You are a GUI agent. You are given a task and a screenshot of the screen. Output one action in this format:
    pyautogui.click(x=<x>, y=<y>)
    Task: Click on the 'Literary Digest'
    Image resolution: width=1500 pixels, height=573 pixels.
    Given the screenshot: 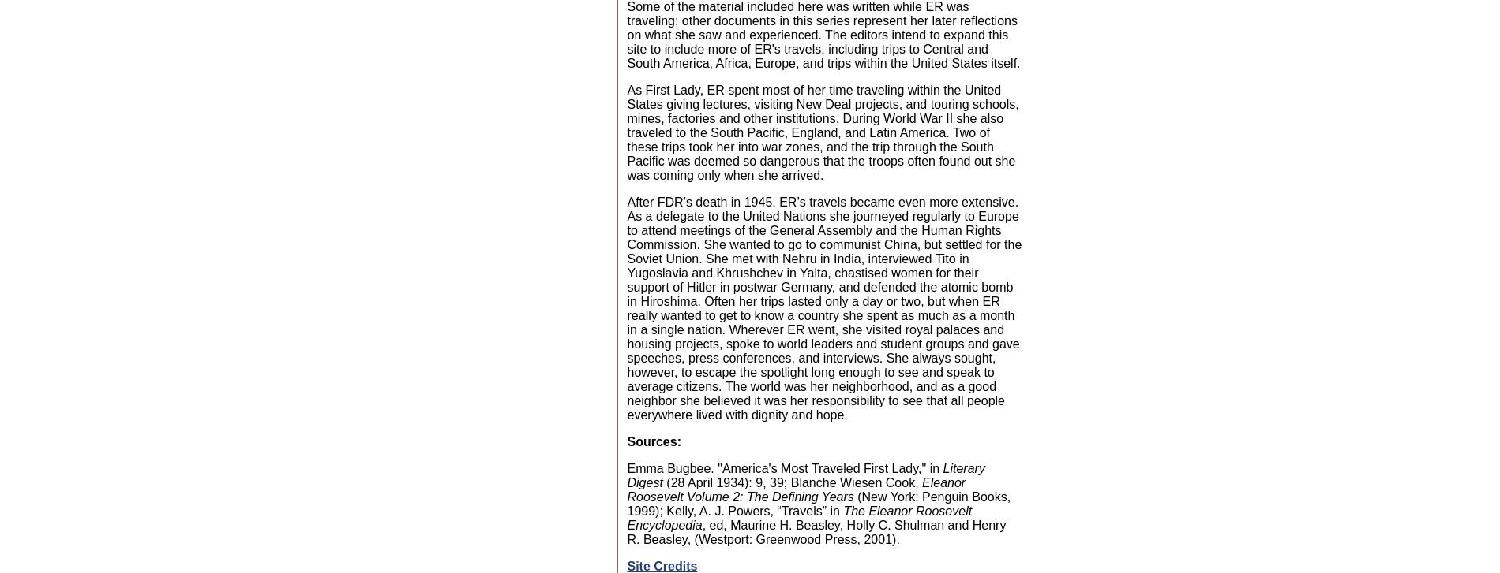 What is the action you would take?
    pyautogui.click(x=805, y=474)
    